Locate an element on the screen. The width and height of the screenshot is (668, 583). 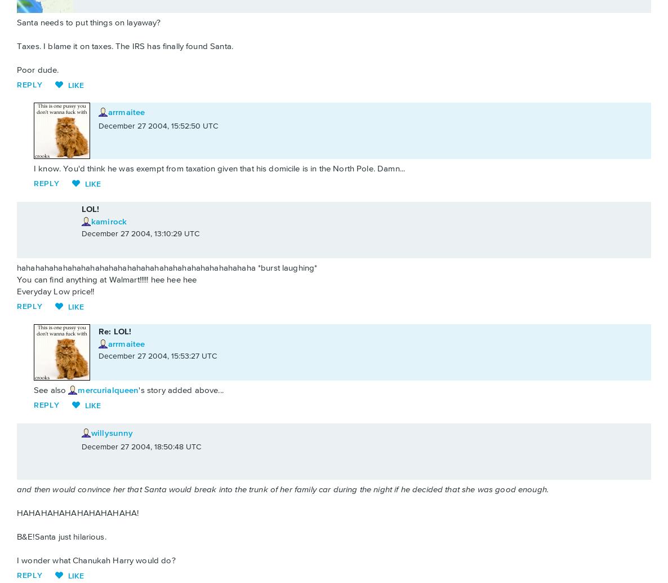
''s story added above...' is located at coordinates (137, 390).